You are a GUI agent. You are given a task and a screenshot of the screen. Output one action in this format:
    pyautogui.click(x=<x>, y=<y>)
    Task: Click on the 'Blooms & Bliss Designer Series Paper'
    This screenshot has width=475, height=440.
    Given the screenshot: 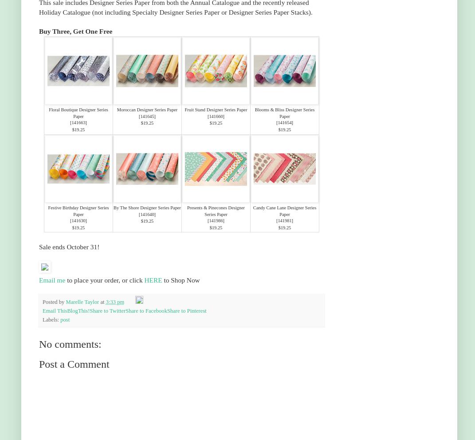 What is the action you would take?
    pyautogui.click(x=254, y=112)
    